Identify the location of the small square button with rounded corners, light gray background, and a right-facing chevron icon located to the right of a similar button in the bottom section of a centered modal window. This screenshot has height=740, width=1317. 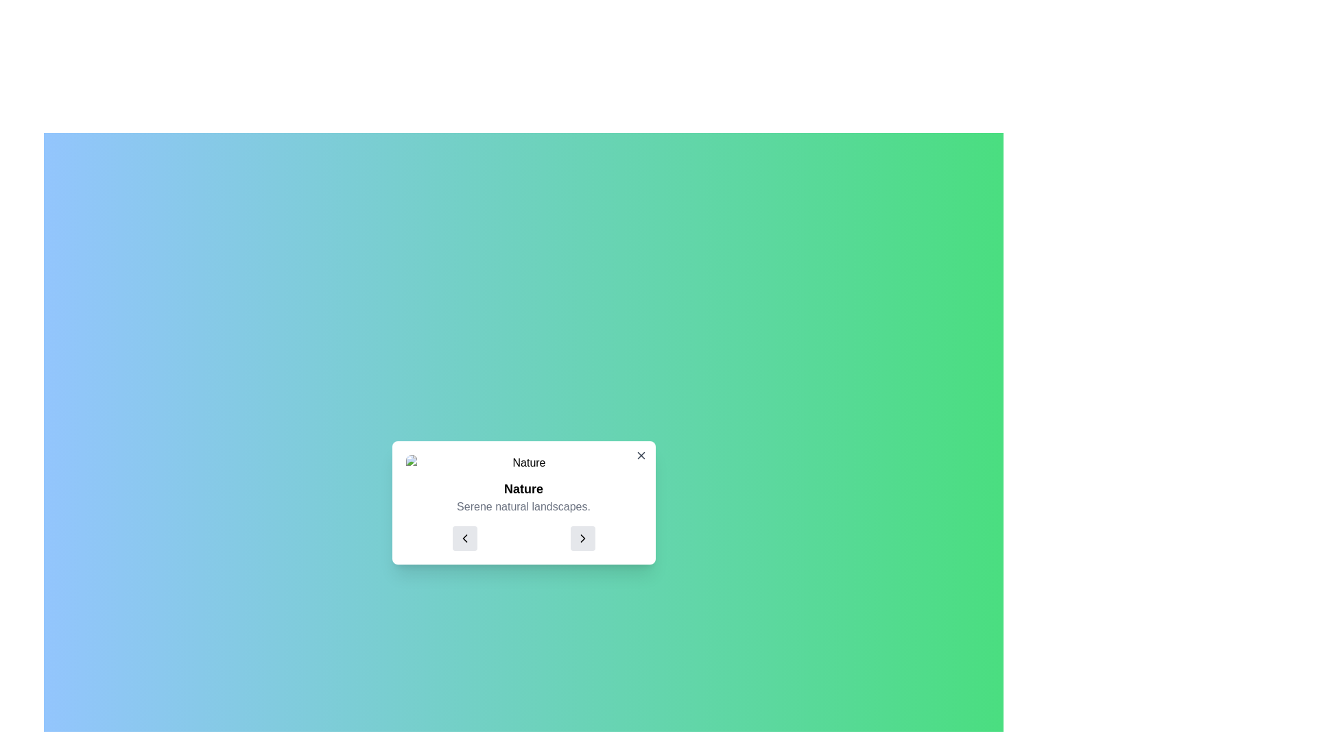
(582, 538).